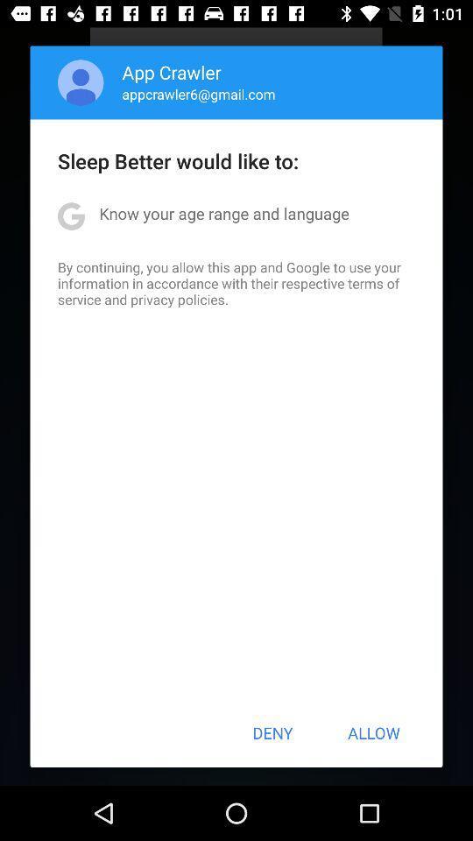 This screenshot has width=473, height=841. What do you see at coordinates (198, 94) in the screenshot?
I see `the appcrawler6@gmail.com app` at bounding box center [198, 94].